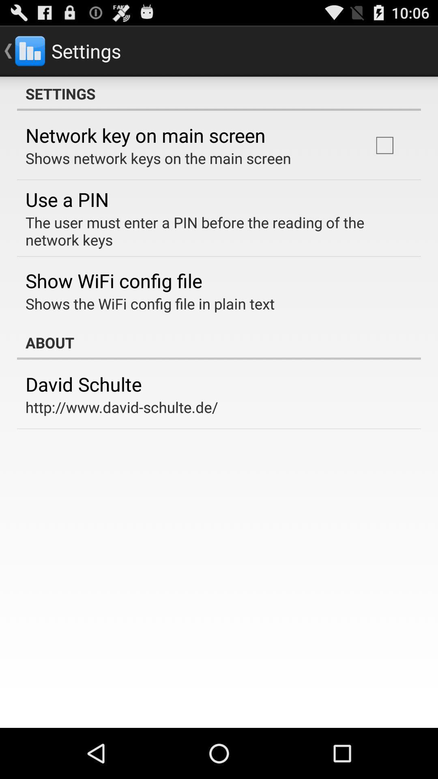 The image size is (438, 779). I want to click on the app above the david schulte, so click(219, 342).